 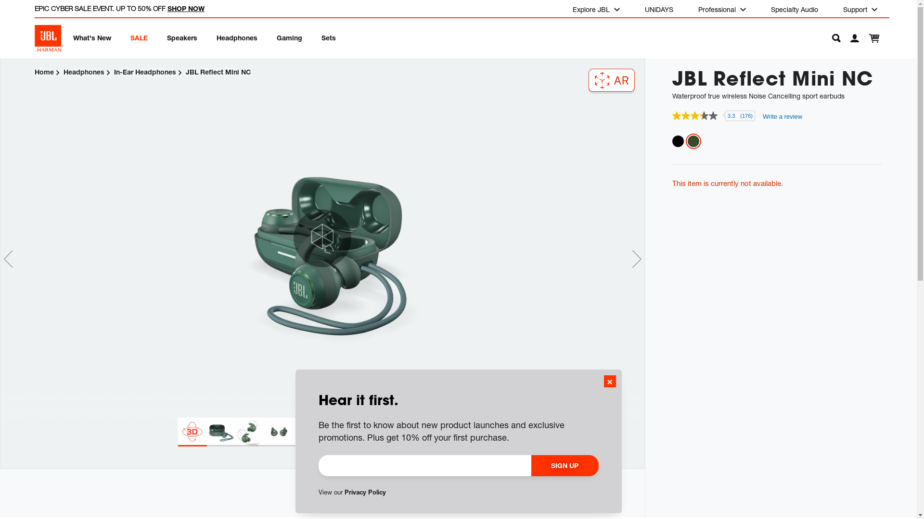 I want to click on 'PREVIOUS', so click(x=8, y=259).